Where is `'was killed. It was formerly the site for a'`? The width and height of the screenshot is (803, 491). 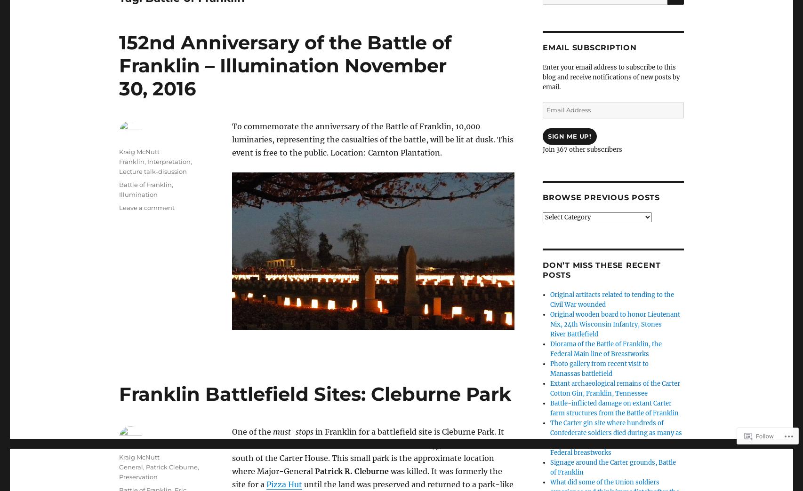
'was killed. It was formerly the site for a' is located at coordinates (232, 477).